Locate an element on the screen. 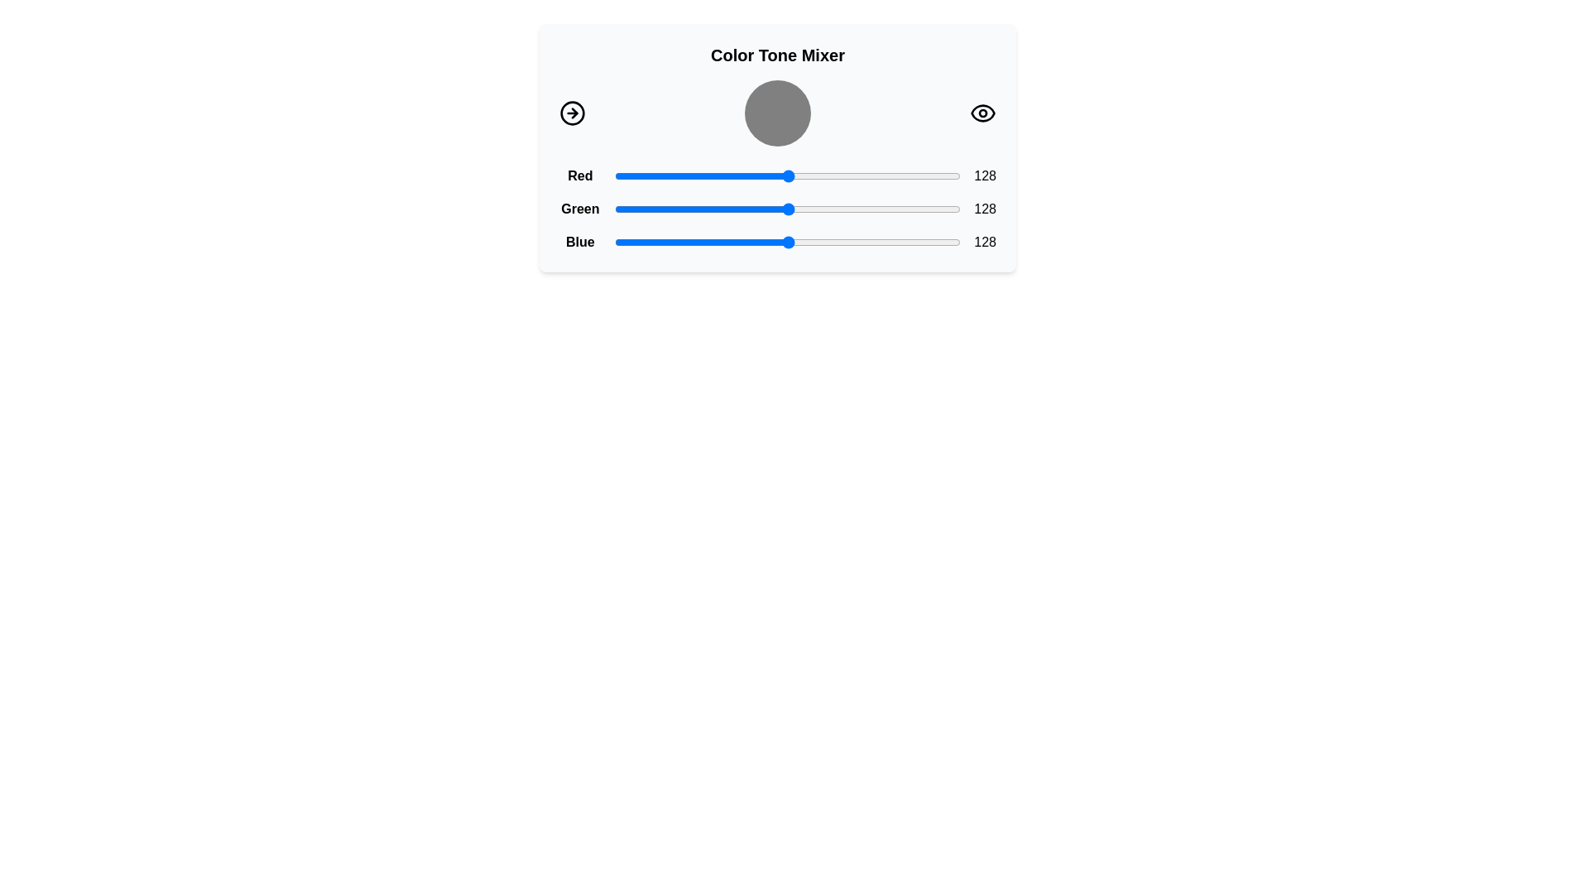 The width and height of the screenshot is (1589, 894). the slider value is located at coordinates (728, 243).